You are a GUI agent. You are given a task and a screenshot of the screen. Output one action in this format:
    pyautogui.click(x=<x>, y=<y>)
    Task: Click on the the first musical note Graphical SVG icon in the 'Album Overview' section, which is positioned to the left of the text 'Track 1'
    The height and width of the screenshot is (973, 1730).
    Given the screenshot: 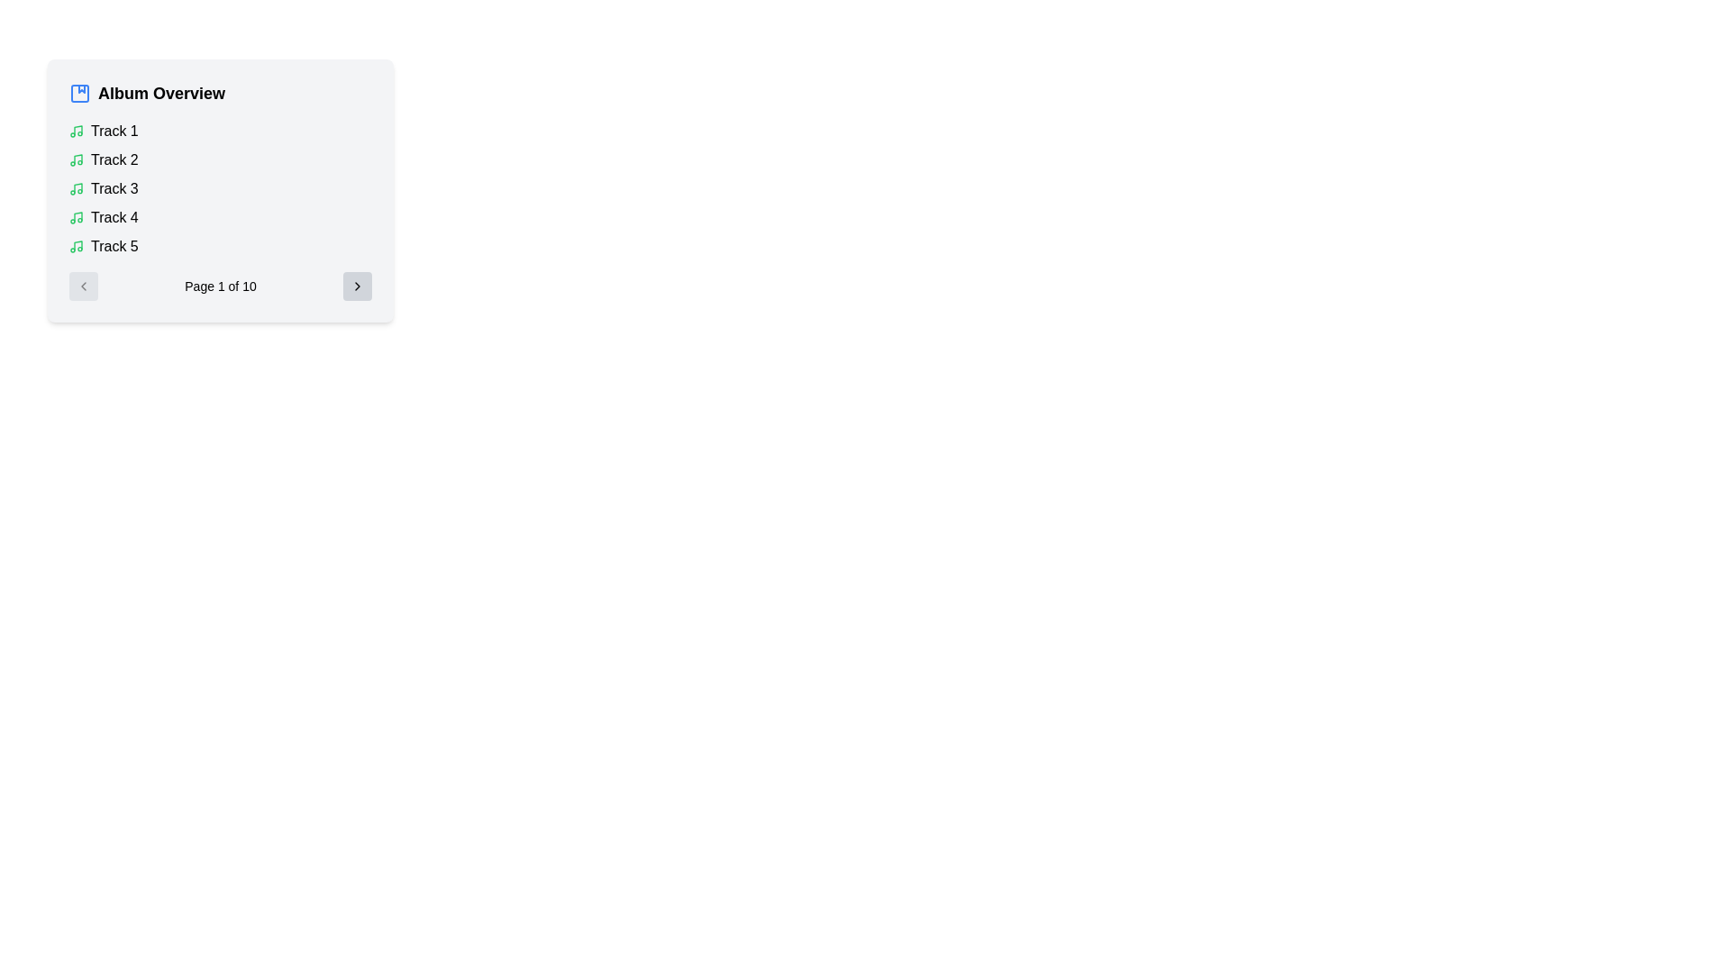 What is the action you would take?
    pyautogui.click(x=77, y=130)
    